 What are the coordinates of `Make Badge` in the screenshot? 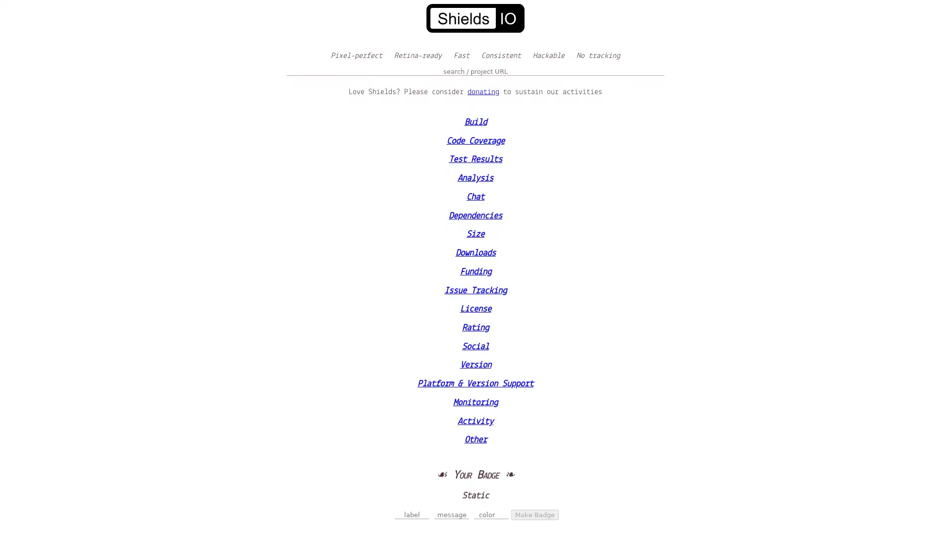 It's located at (534, 514).